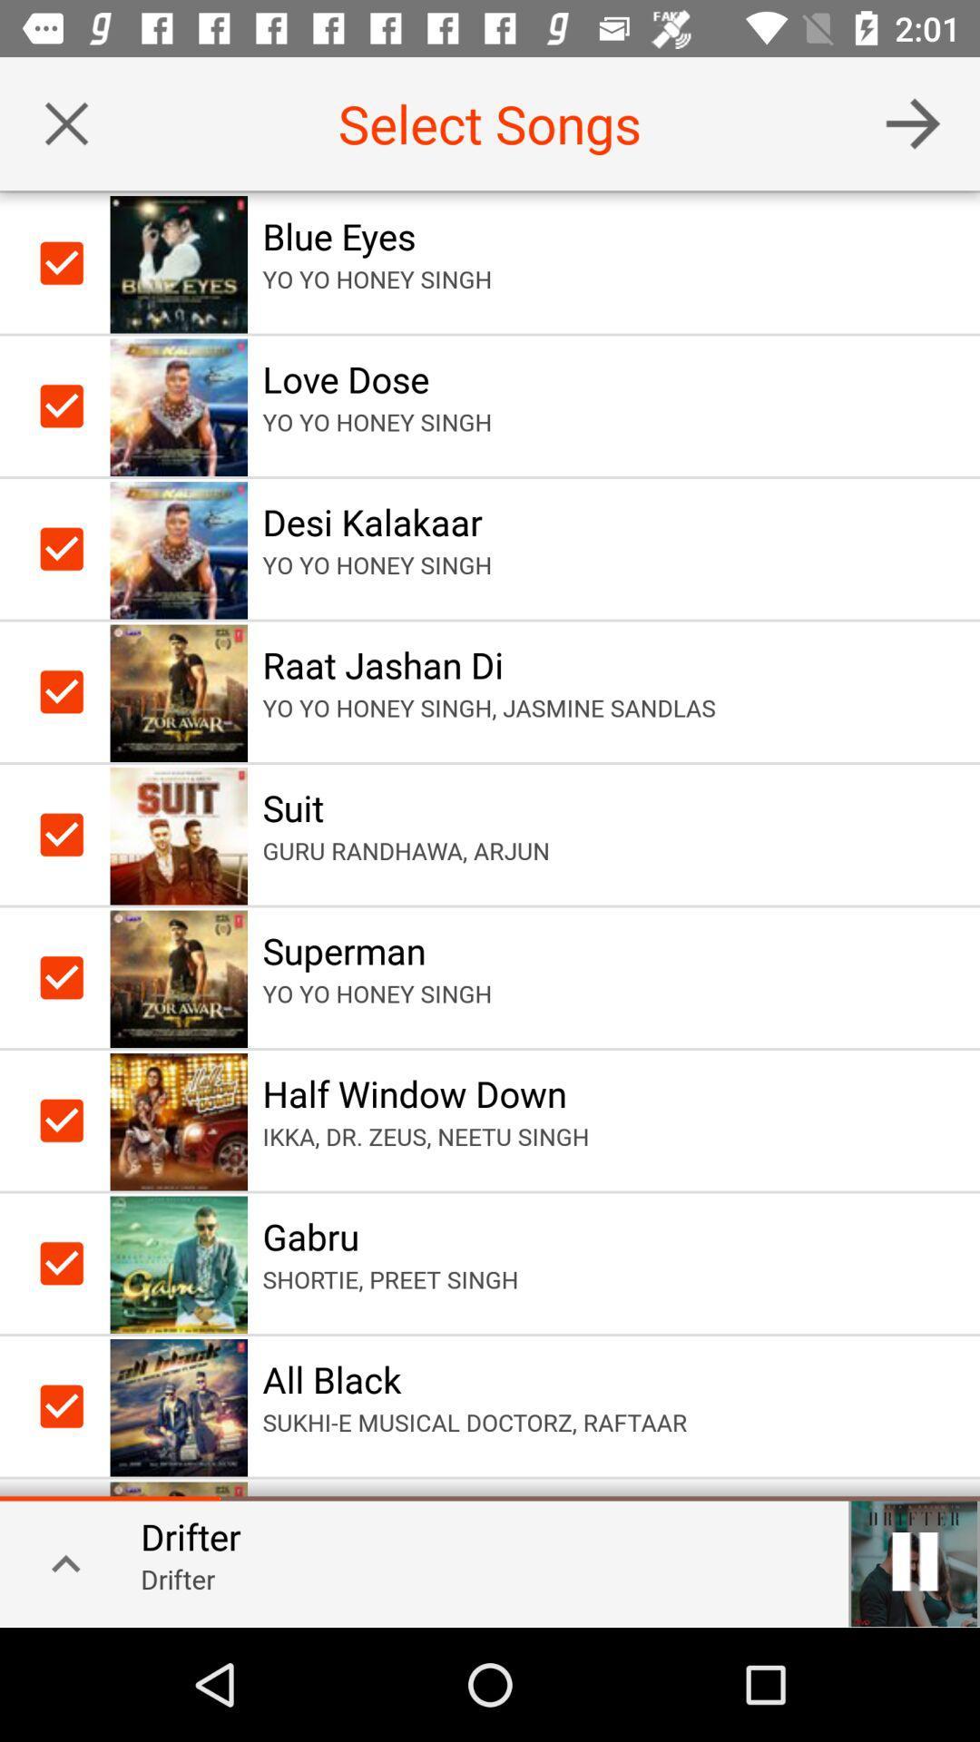 The image size is (980, 1742). What do you see at coordinates (58, 1561) in the screenshot?
I see `the item next to drifter` at bounding box center [58, 1561].